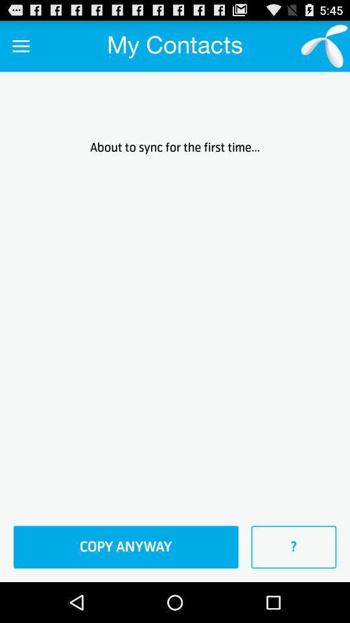 This screenshot has height=623, width=350. I want to click on the icon to the right of the copy anyway icon, so click(294, 546).